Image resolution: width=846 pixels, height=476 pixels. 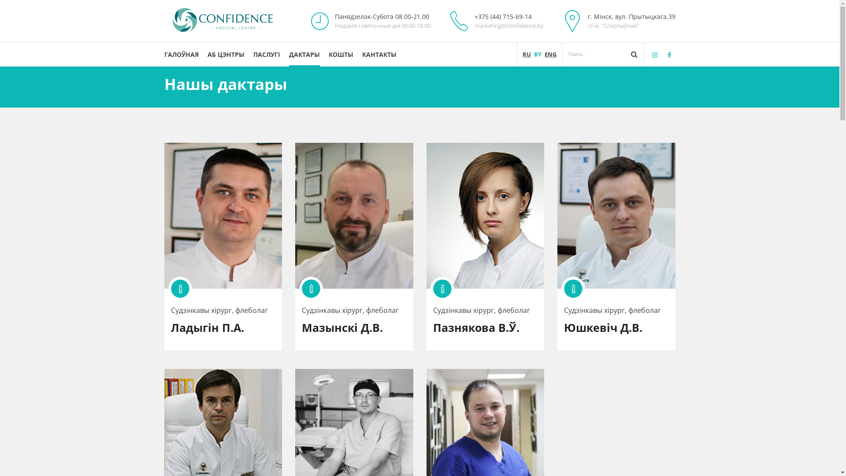 I want to click on 'ENG', so click(x=550, y=54).